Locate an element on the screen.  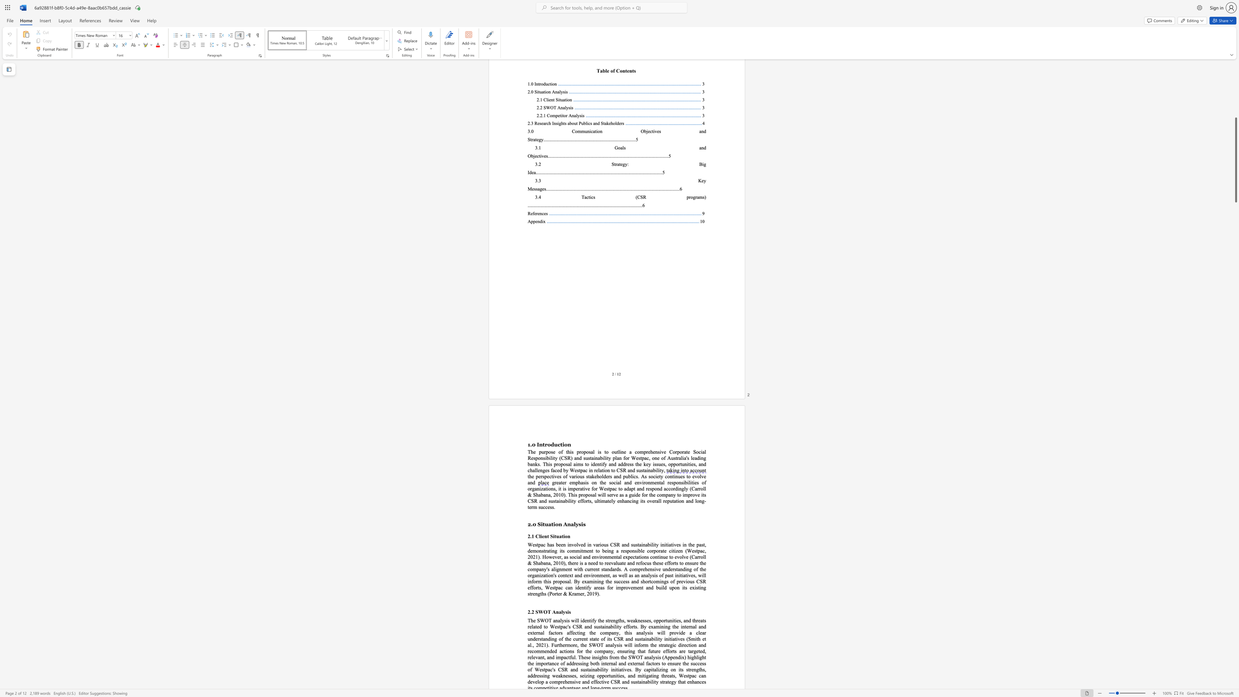
the subset text "apt and respond accordingly (Carroll & Shabana, 2010). This proposal will serve as a guide for the company to improve its CSR and sustainabi" within the text "greater emphasis on the social and environmental responsibilities of organizations, it is imperative for Westpac to adapt and respond accordingly (Carroll & Shabana, 2010). This proposal will serve as a guide for the company to improve its CSR and sustainability efforts," is located at coordinates (629, 488).